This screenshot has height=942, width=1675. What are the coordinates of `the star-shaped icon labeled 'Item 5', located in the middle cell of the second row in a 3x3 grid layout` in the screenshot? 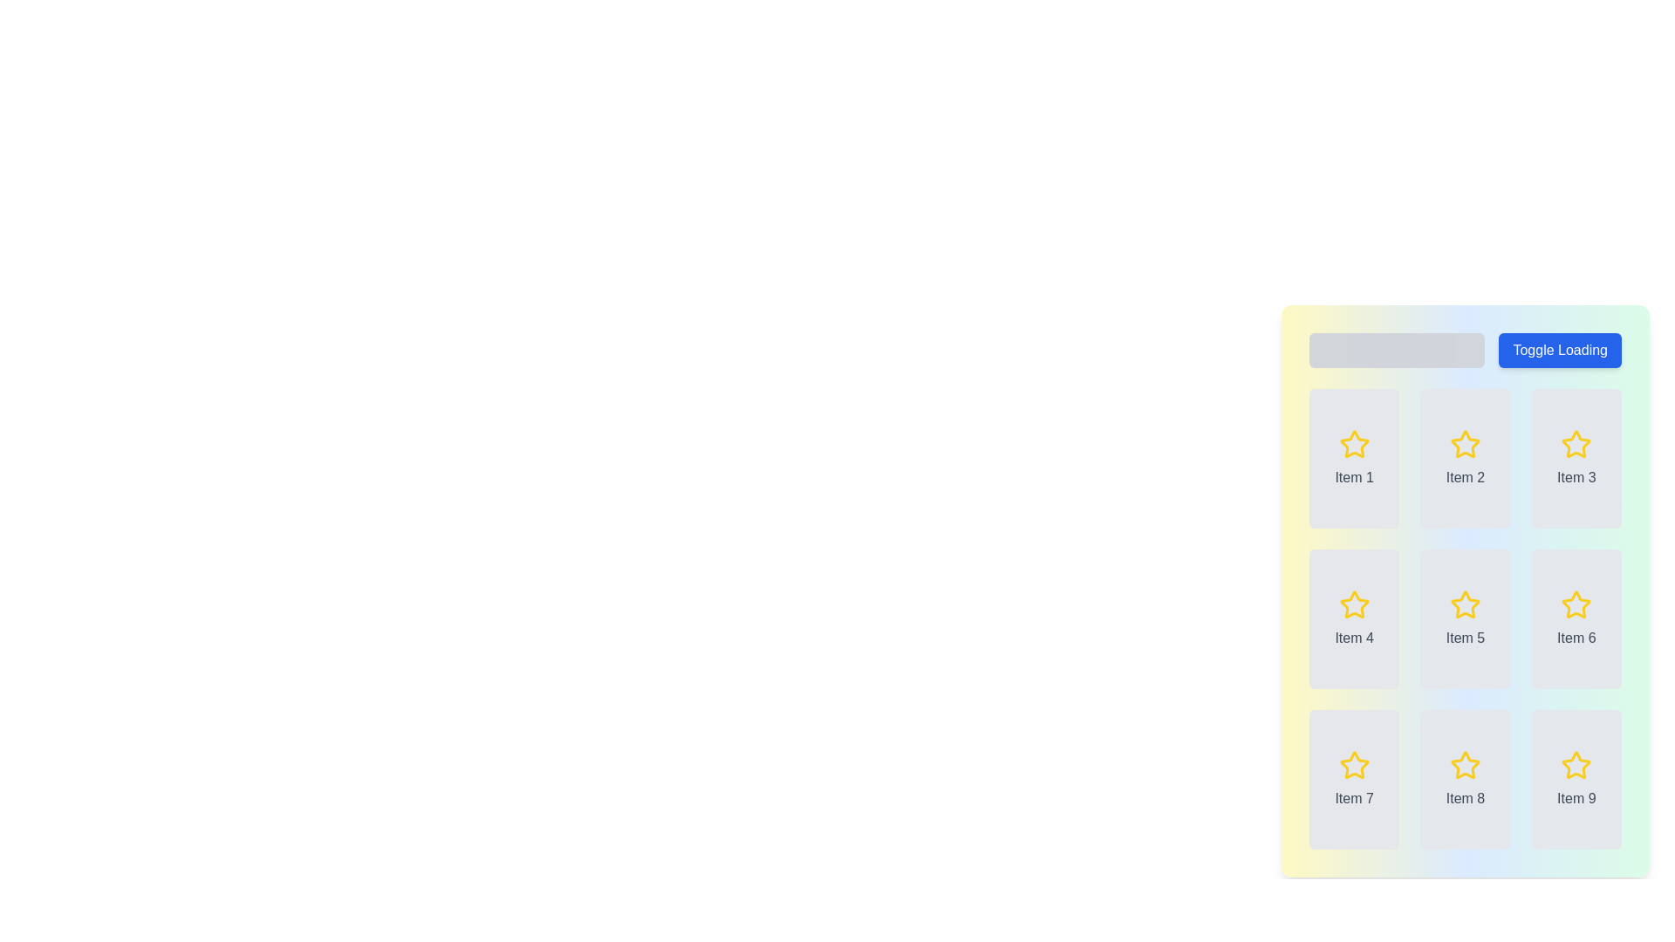 It's located at (1466, 604).